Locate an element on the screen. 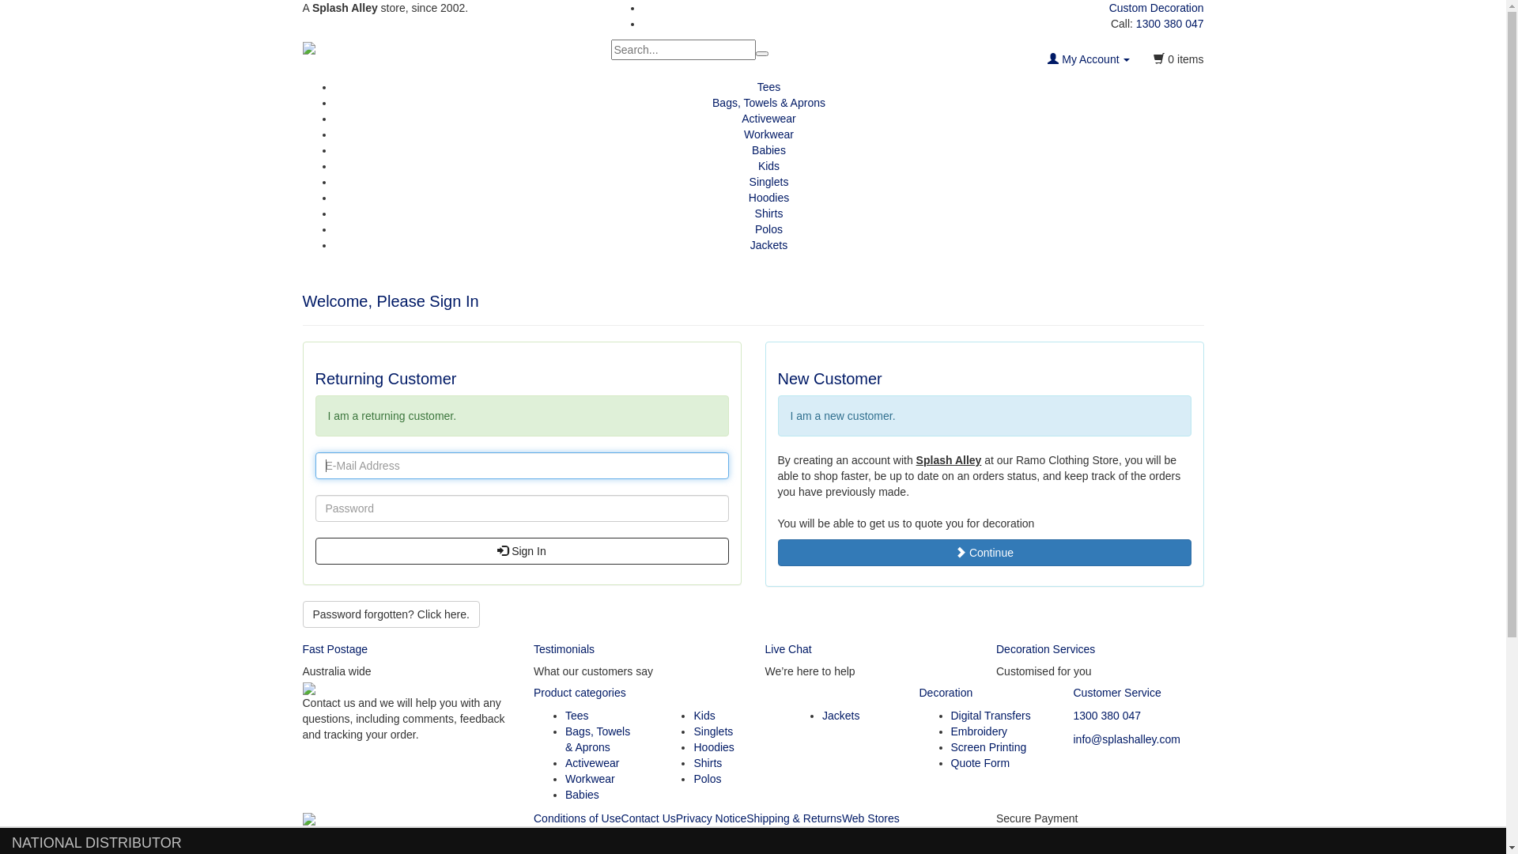 The width and height of the screenshot is (1518, 854). 'Custom Decoration' is located at coordinates (1157, 8).